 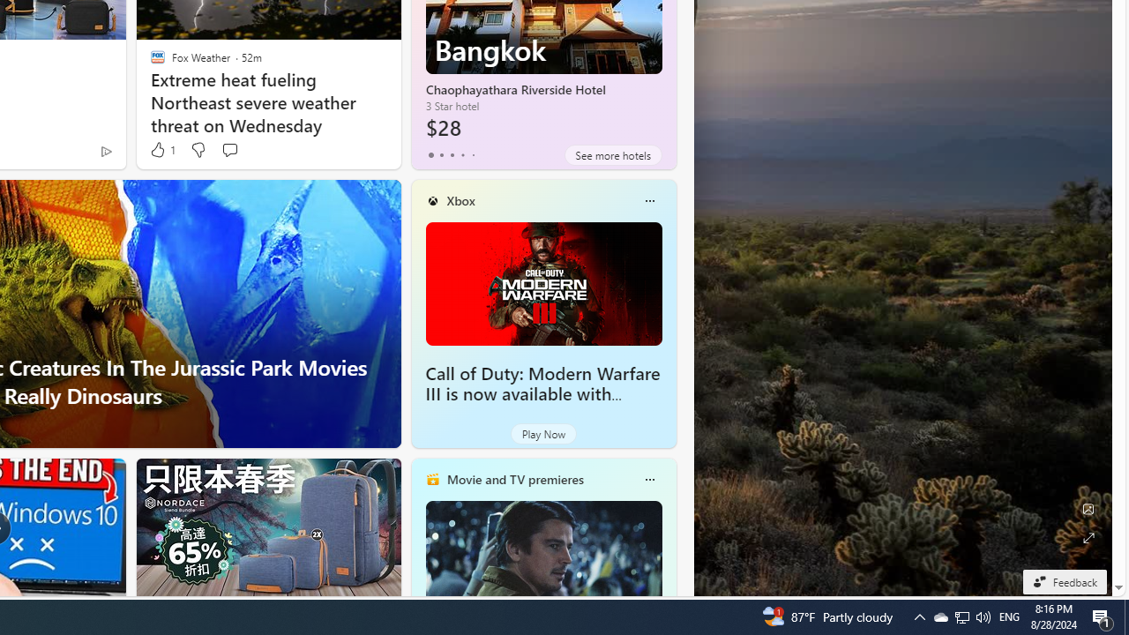 I want to click on 'Class: icon-img', so click(x=648, y=479).